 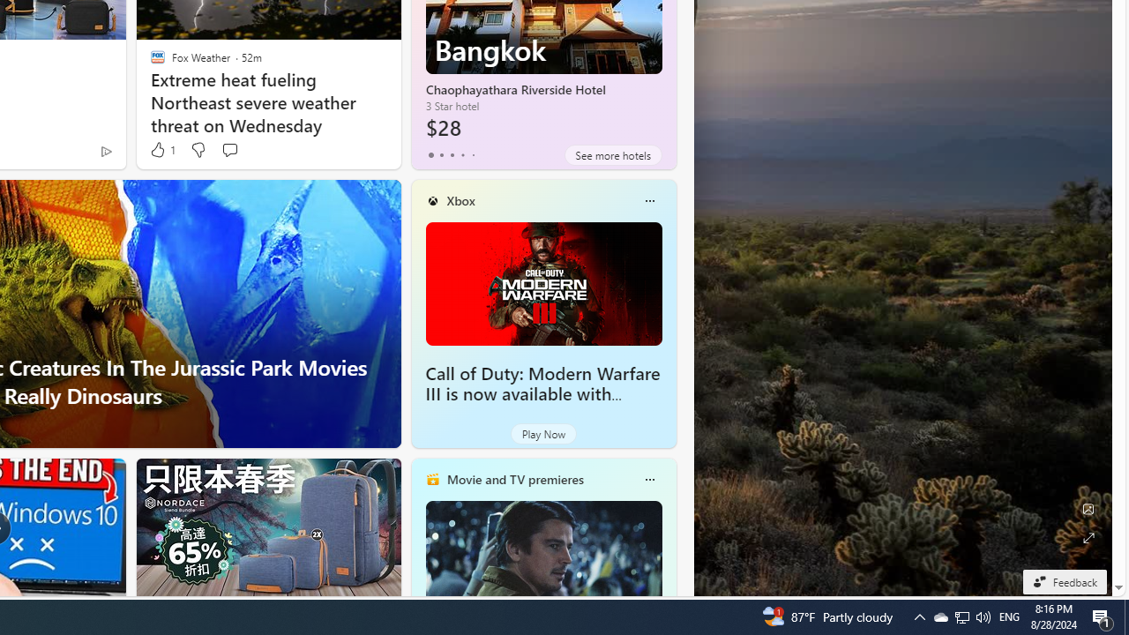 I want to click on 'Class: icon-img', so click(x=648, y=479).